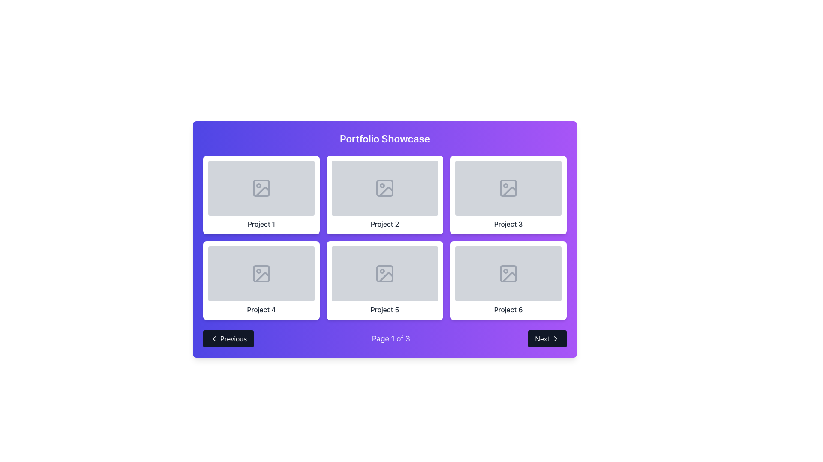  Describe the element at coordinates (384, 310) in the screenshot. I see `the Text Label located beneath the image area of the fifth project card in the bottom-right panel of the grid layout` at that location.